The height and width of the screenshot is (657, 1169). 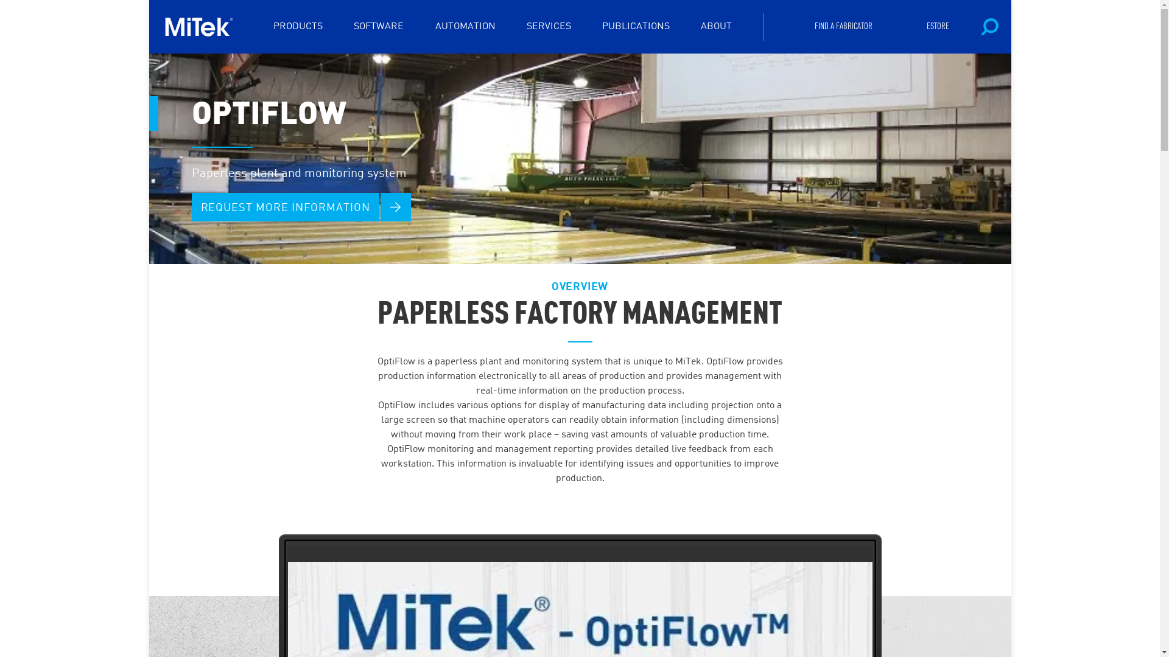 What do you see at coordinates (815, 26) in the screenshot?
I see `'FIND A FABRICATOR'` at bounding box center [815, 26].